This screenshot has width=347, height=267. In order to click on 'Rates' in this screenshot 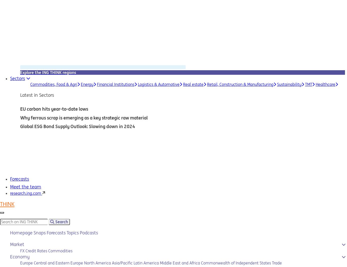, I will do `click(42, 250)`.